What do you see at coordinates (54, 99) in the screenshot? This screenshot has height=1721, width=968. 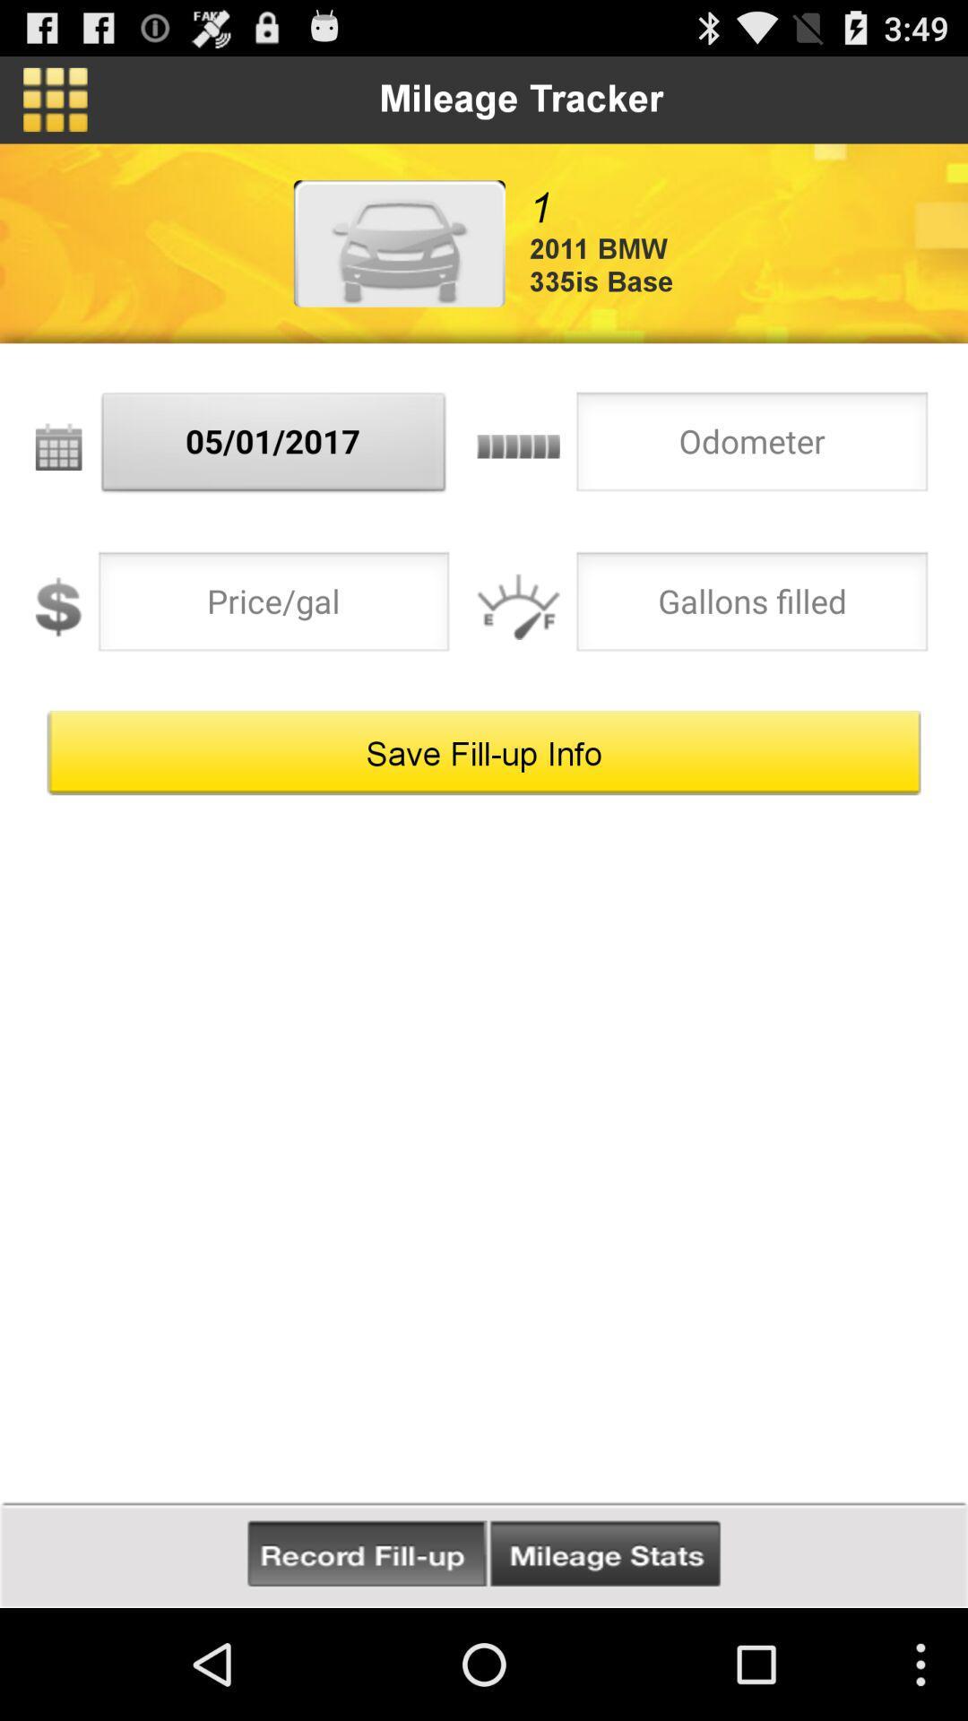 I see `open the menu bar` at bounding box center [54, 99].